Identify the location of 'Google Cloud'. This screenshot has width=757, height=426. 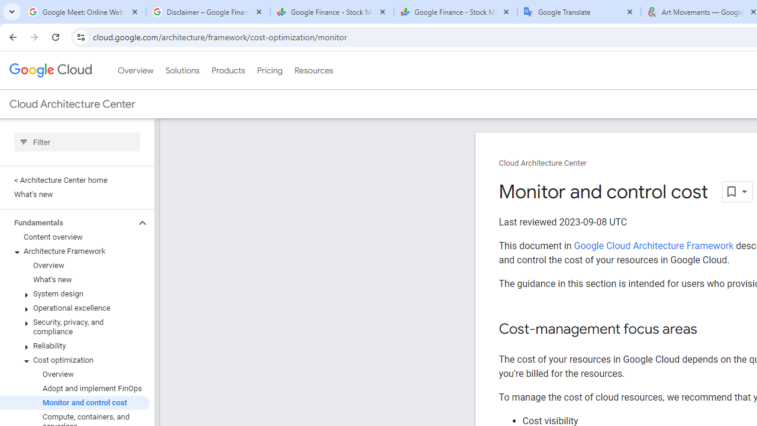
(50, 70).